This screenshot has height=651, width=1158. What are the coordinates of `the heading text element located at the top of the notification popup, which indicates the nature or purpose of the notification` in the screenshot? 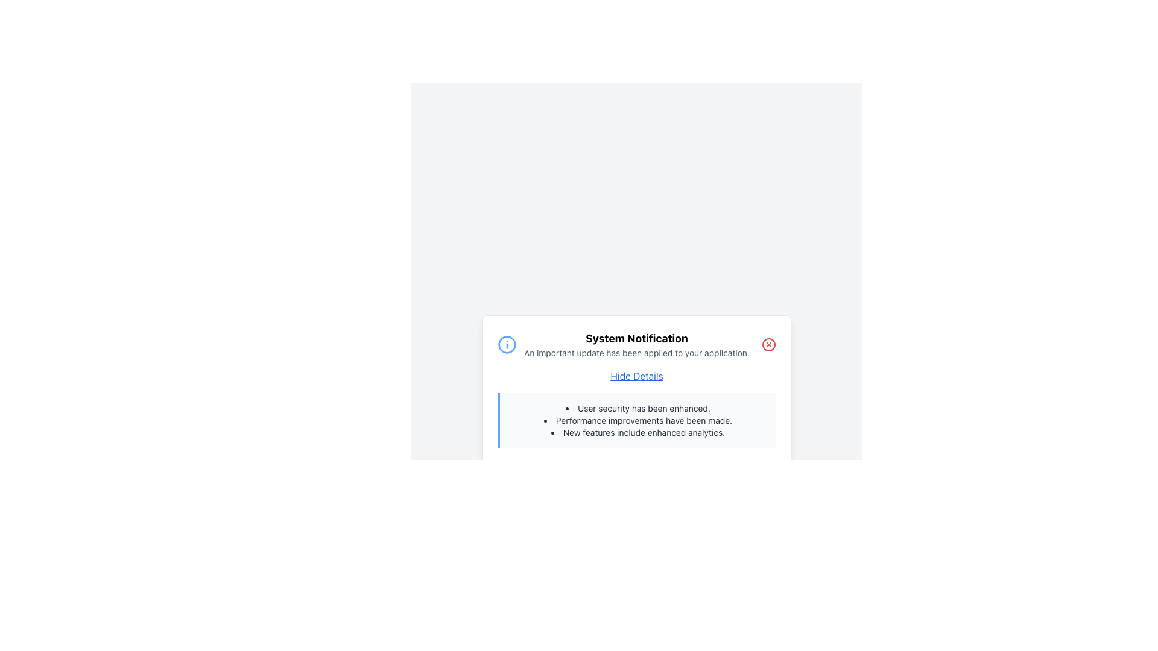 It's located at (636, 339).